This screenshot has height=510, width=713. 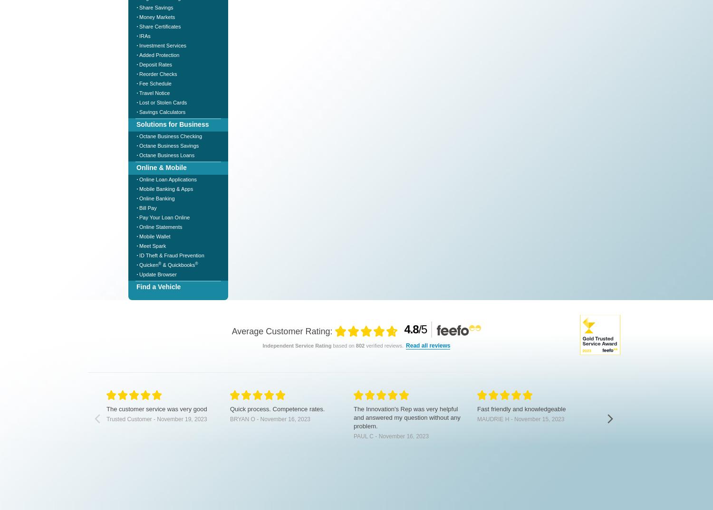 What do you see at coordinates (148, 264) in the screenshot?
I see `'Quicken'` at bounding box center [148, 264].